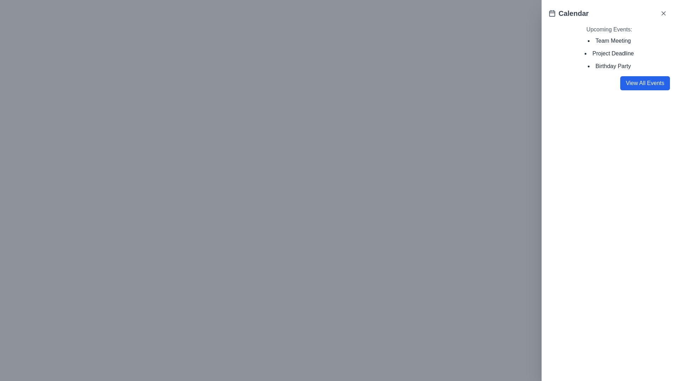 This screenshot has height=381, width=677. I want to click on the button located in the bottom-right corner of the panel labeled 'Calendar', so click(645, 83).